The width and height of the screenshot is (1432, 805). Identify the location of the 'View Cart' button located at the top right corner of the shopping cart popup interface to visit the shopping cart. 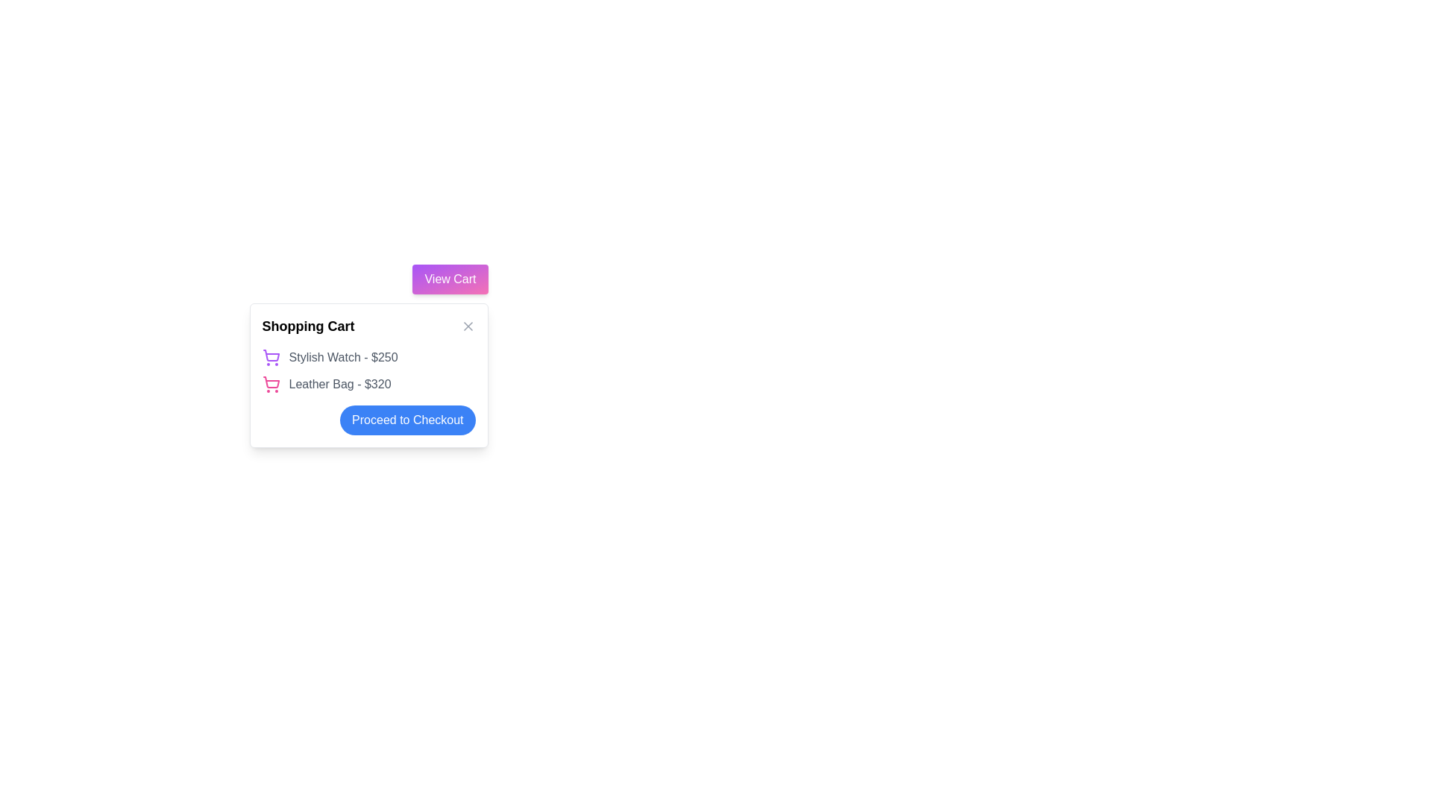
(450, 279).